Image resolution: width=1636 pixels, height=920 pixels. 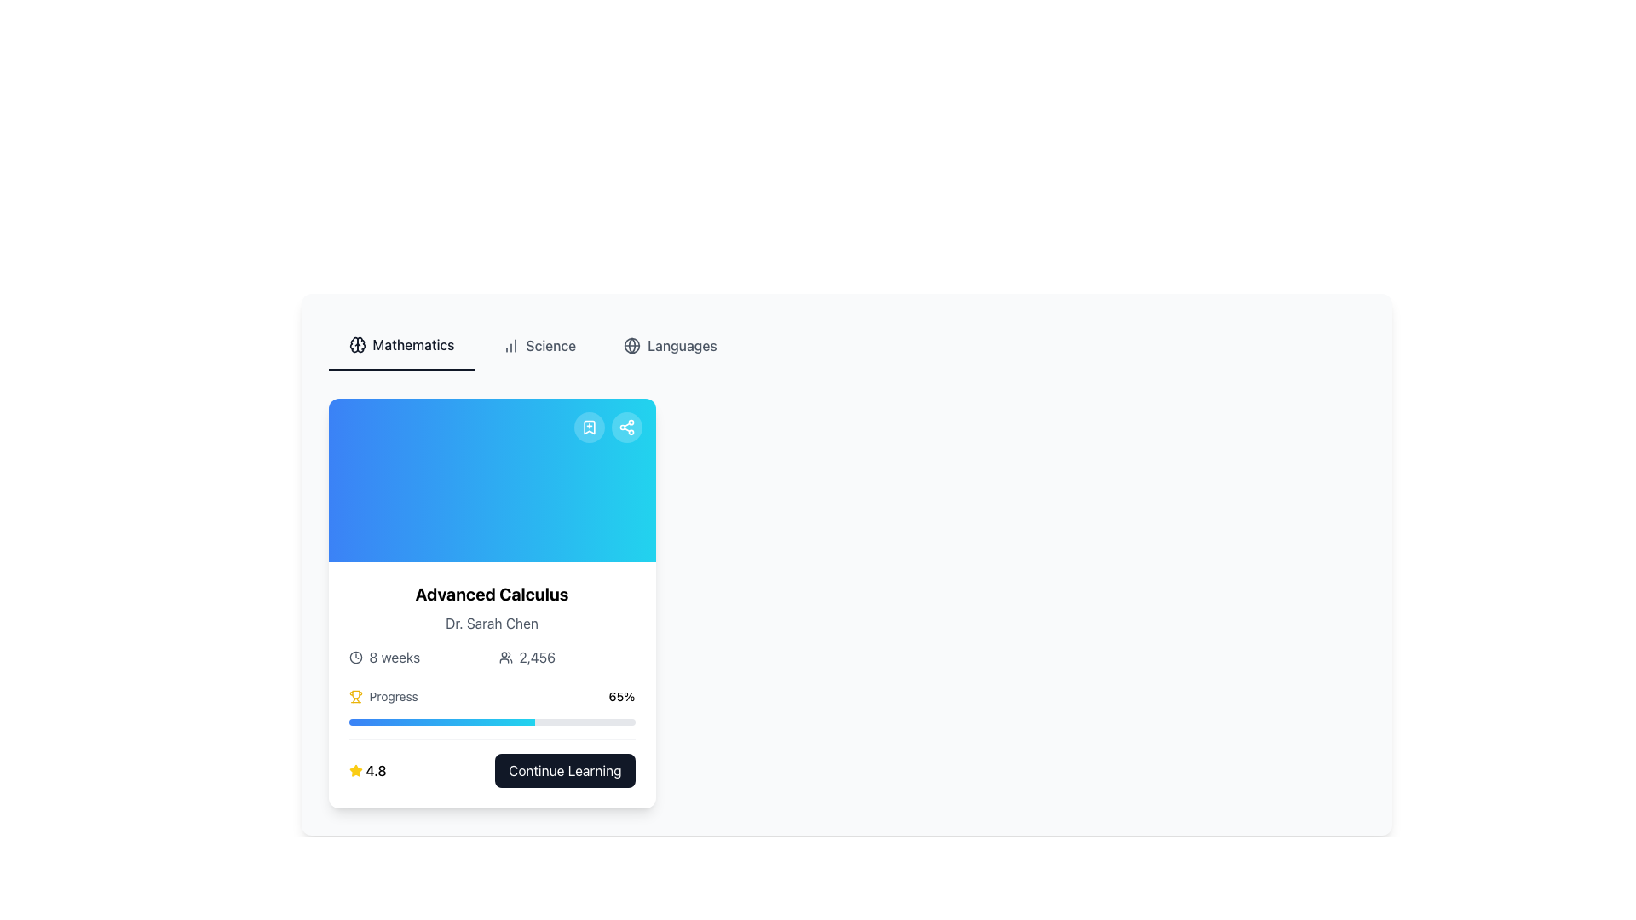 I want to click on the play button located centrally within the rectangular banner at the top portion of the course card to observe the hover effect, so click(x=491, y=480).